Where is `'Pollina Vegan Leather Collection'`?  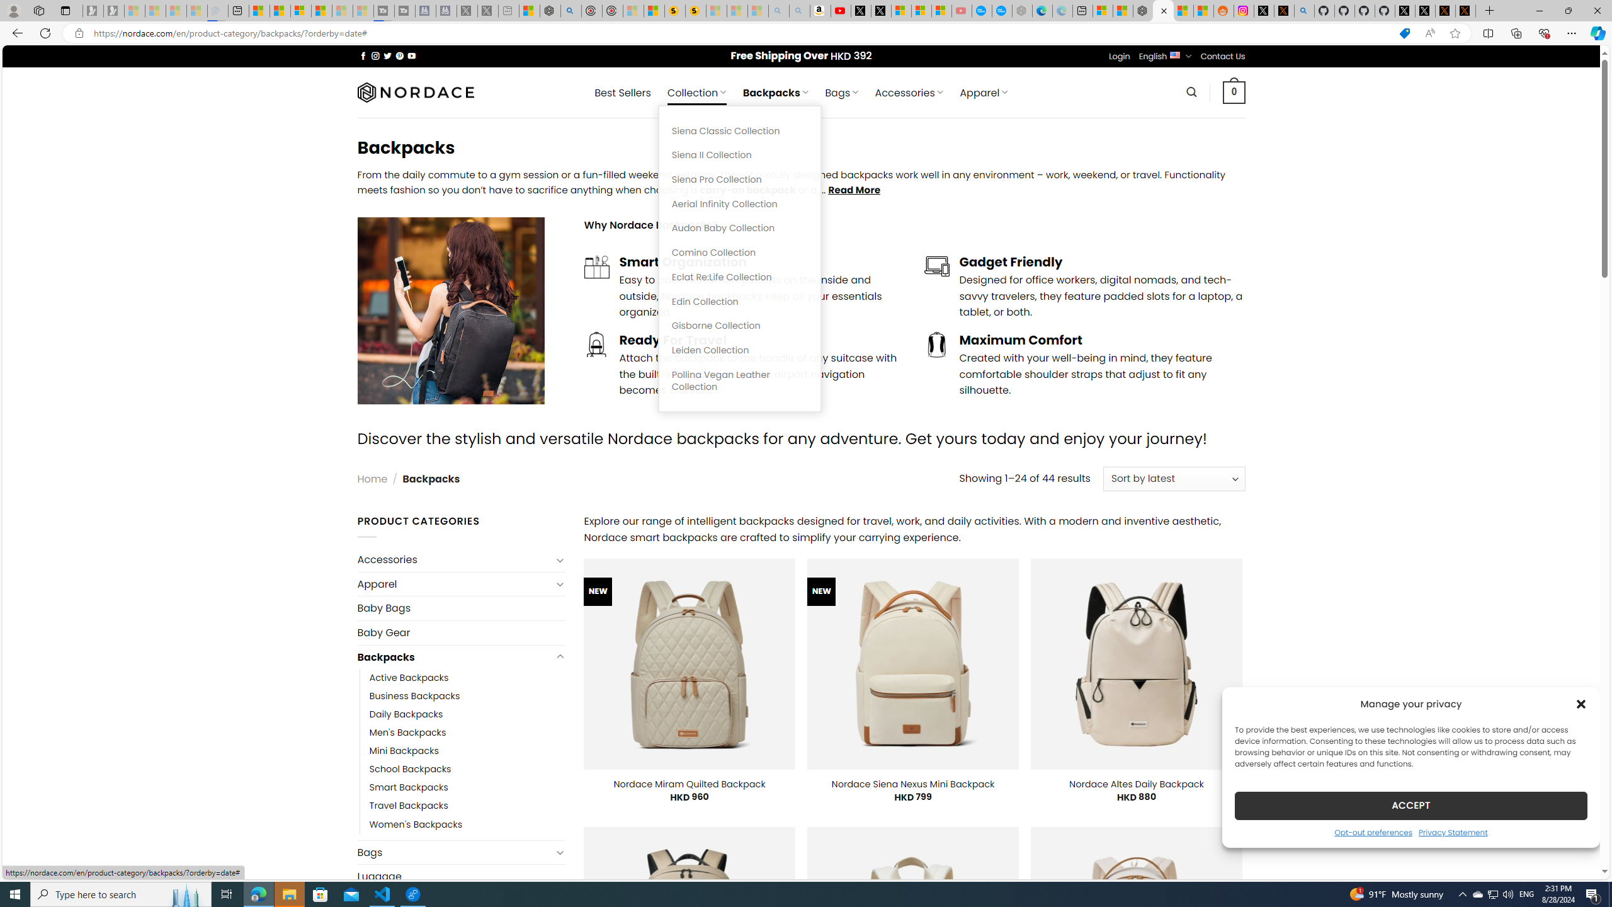
'Pollina Vegan Leather Collection' is located at coordinates (739, 380).